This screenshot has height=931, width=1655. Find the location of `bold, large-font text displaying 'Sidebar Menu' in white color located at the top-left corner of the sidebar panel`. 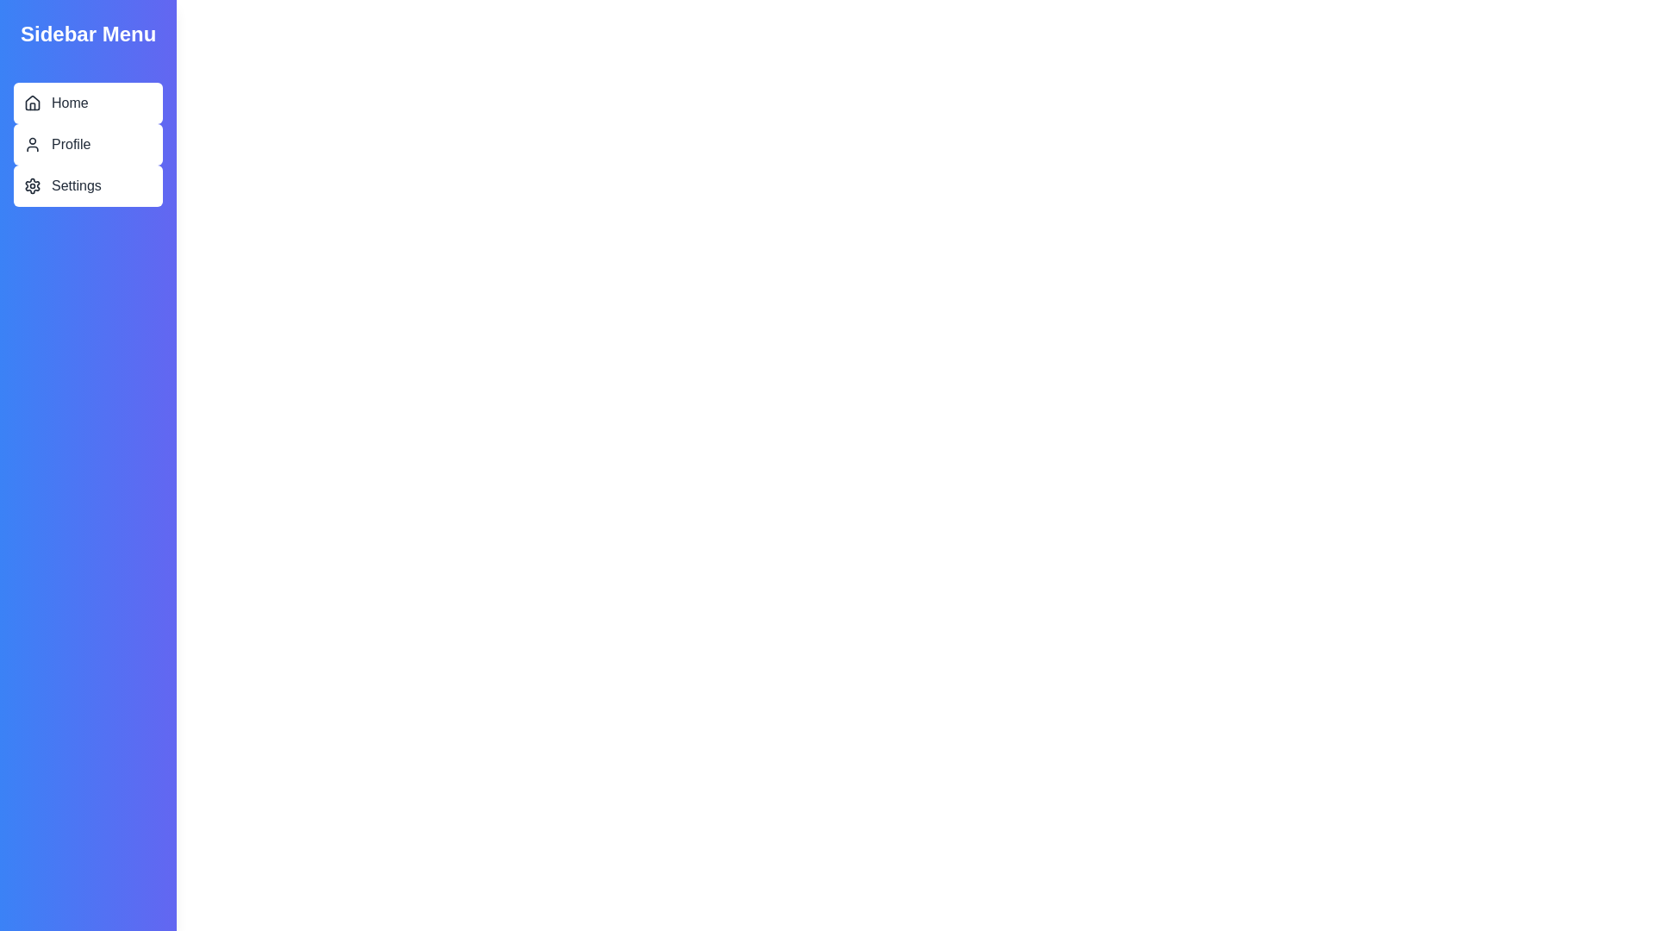

bold, large-font text displaying 'Sidebar Menu' in white color located at the top-left corner of the sidebar panel is located at coordinates (87, 34).